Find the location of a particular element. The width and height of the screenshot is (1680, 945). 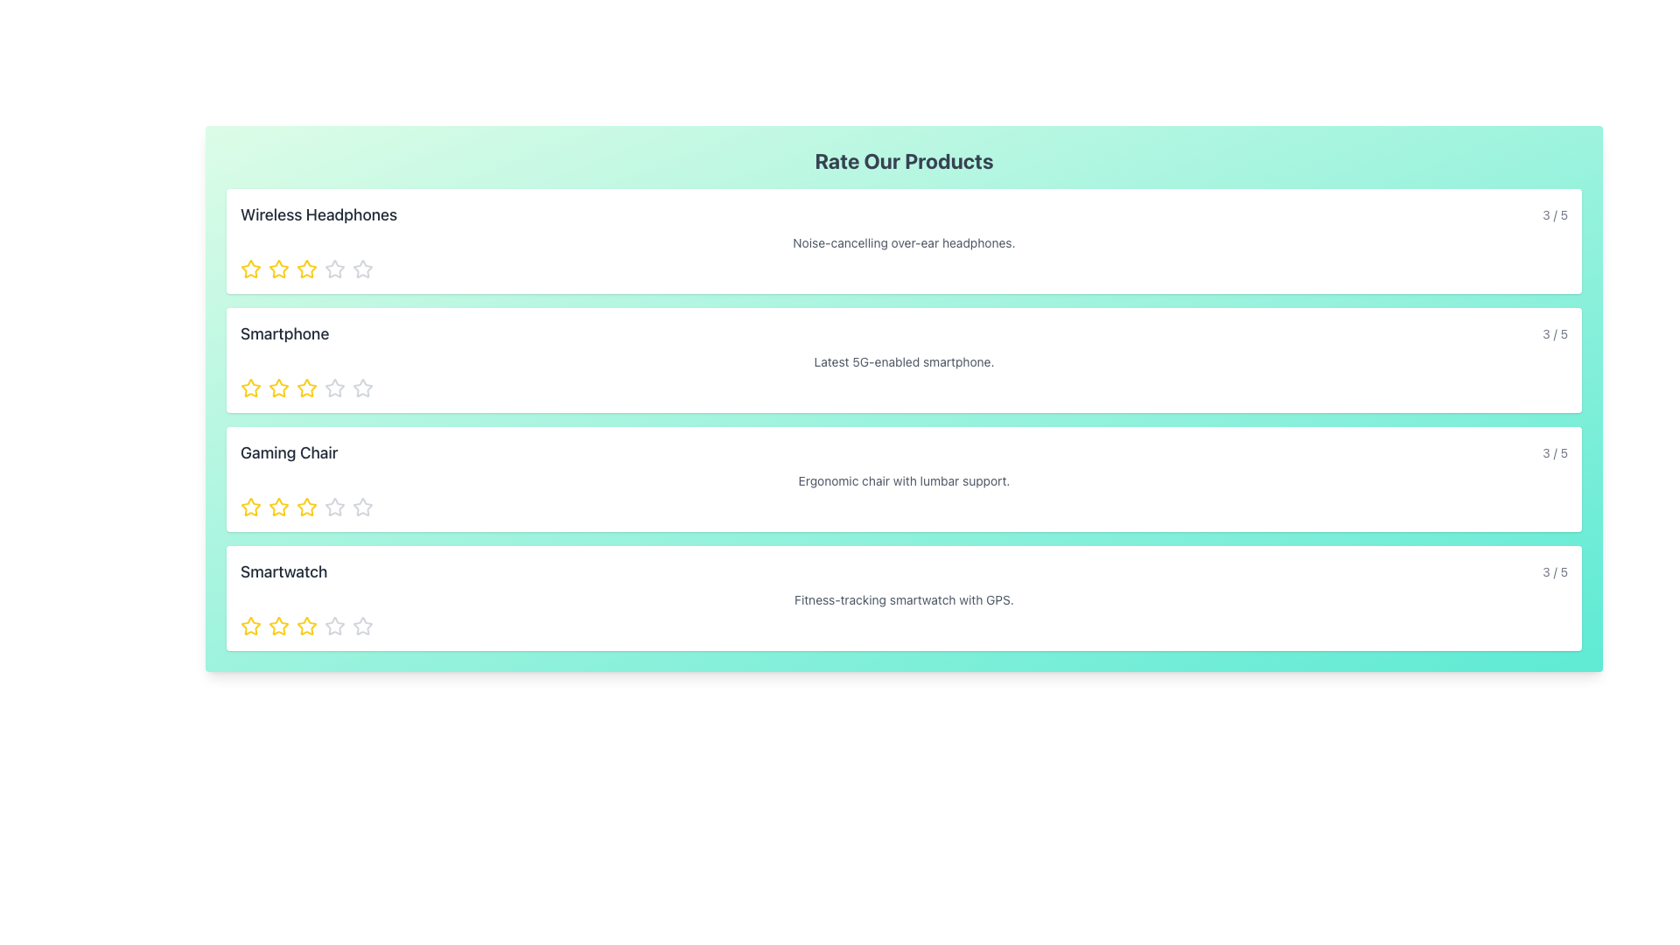

the second star icon in the rating row for the 'Smartwatch' product is located at coordinates (277, 626).